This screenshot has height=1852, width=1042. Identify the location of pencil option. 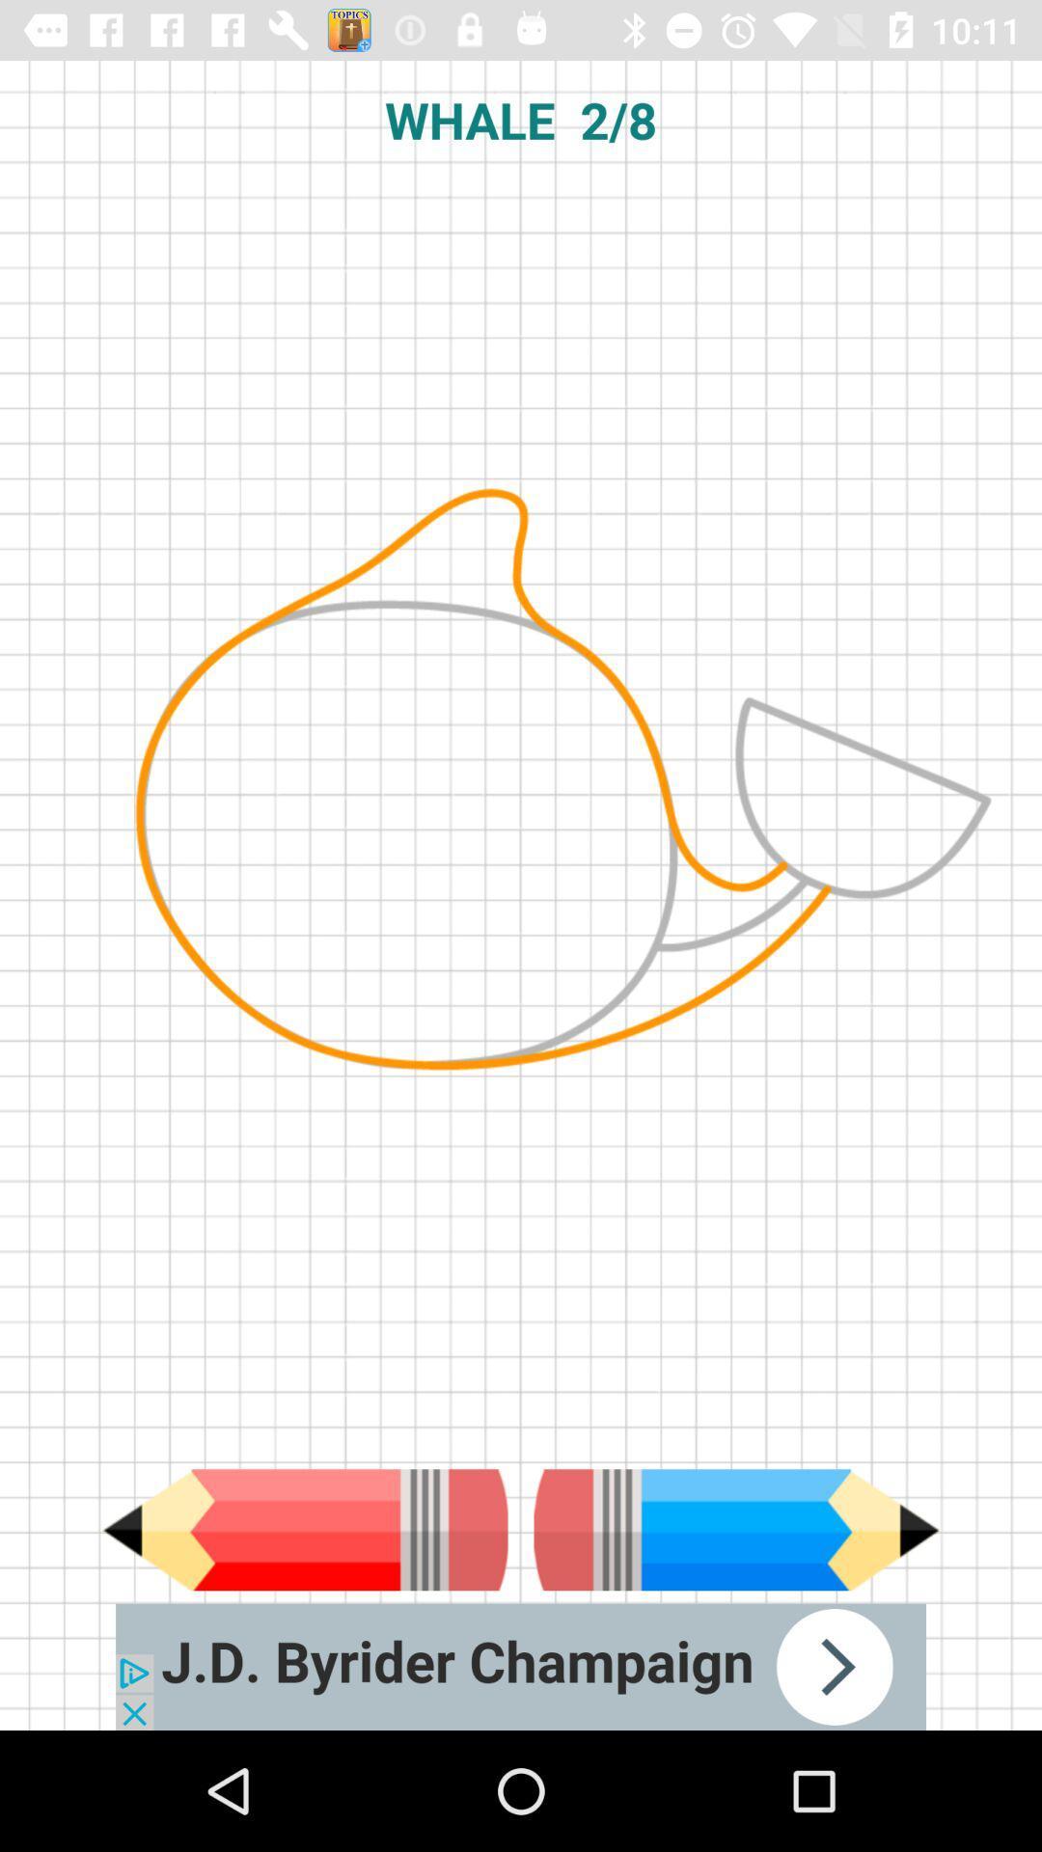
(304, 1529).